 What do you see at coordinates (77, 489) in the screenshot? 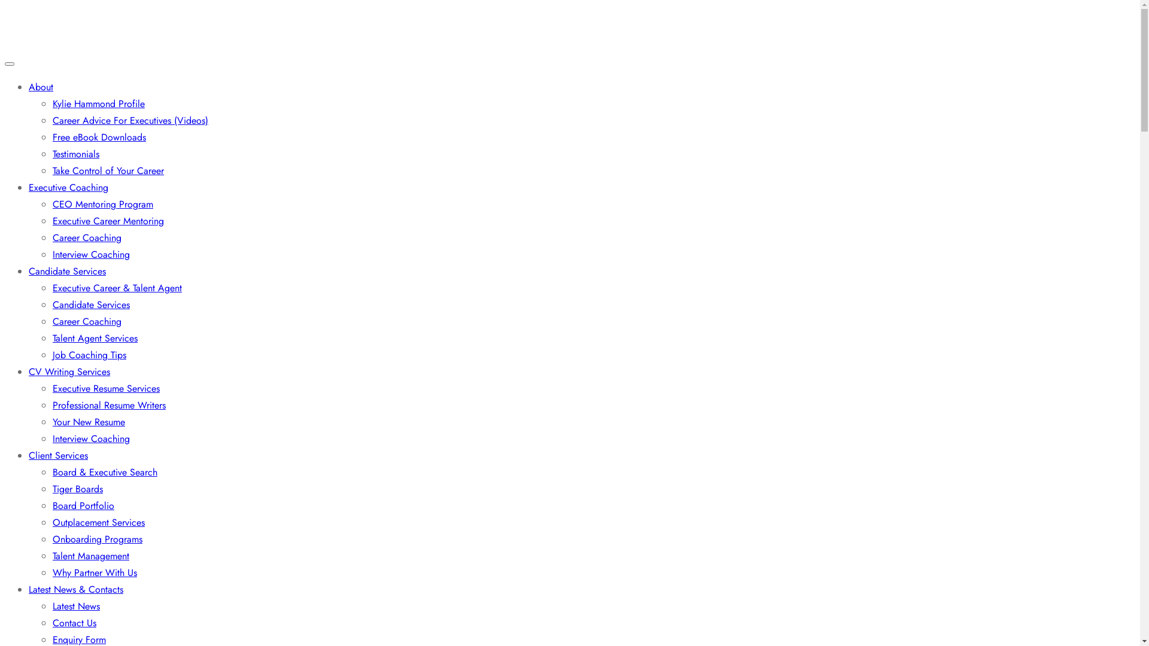
I see `'Tiger Boards'` at bounding box center [77, 489].